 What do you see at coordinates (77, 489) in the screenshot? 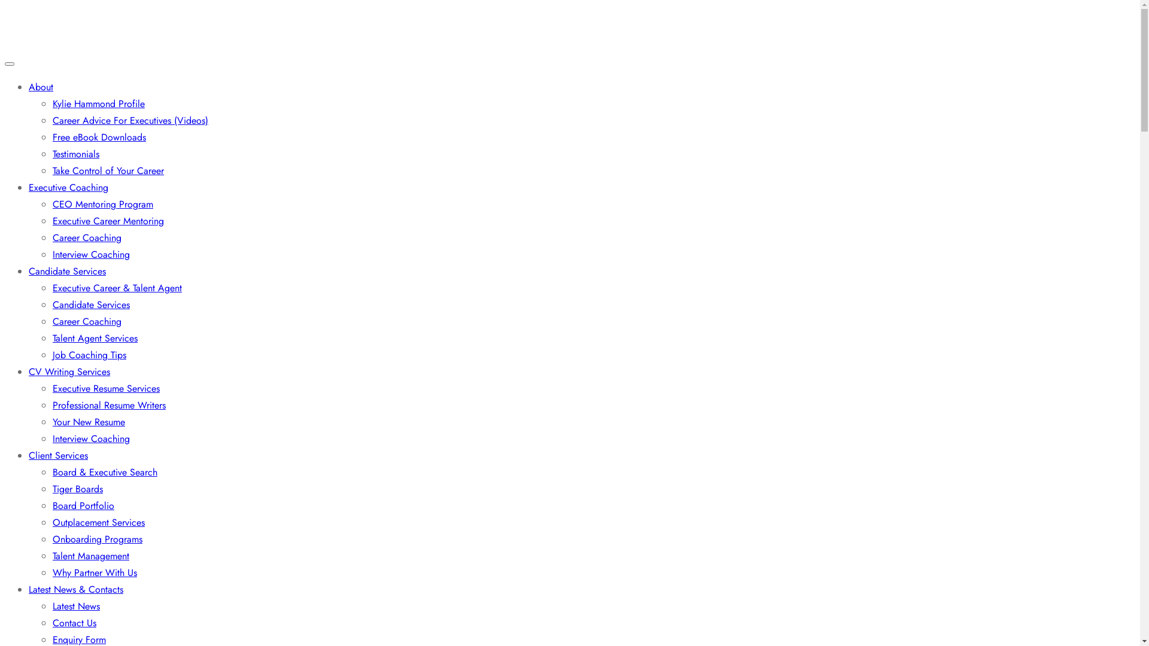
I see `'Tiger Boards'` at bounding box center [77, 489].